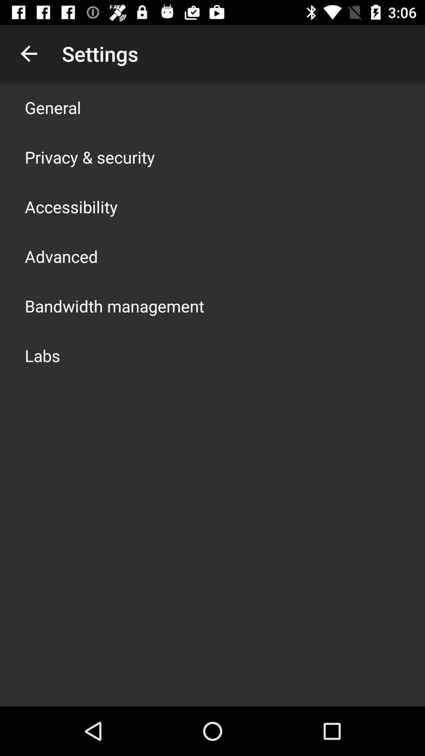 This screenshot has height=756, width=425. Describe the element at coordinates (42, 355) in the screenshot. I see `labs` at that location.